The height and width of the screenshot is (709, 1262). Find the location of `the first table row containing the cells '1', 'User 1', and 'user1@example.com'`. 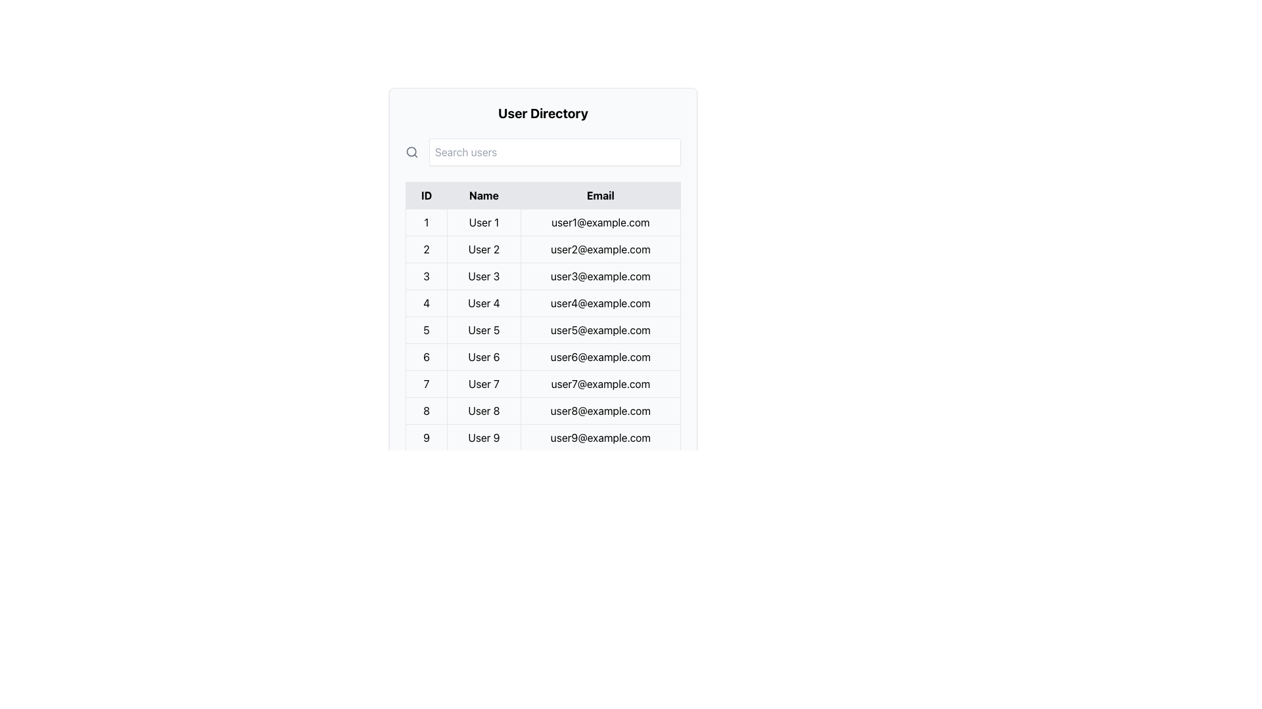

the first table row containing the cells '1', 'User 1', and 'user1@example.com' is located at coordinates (543, 222).